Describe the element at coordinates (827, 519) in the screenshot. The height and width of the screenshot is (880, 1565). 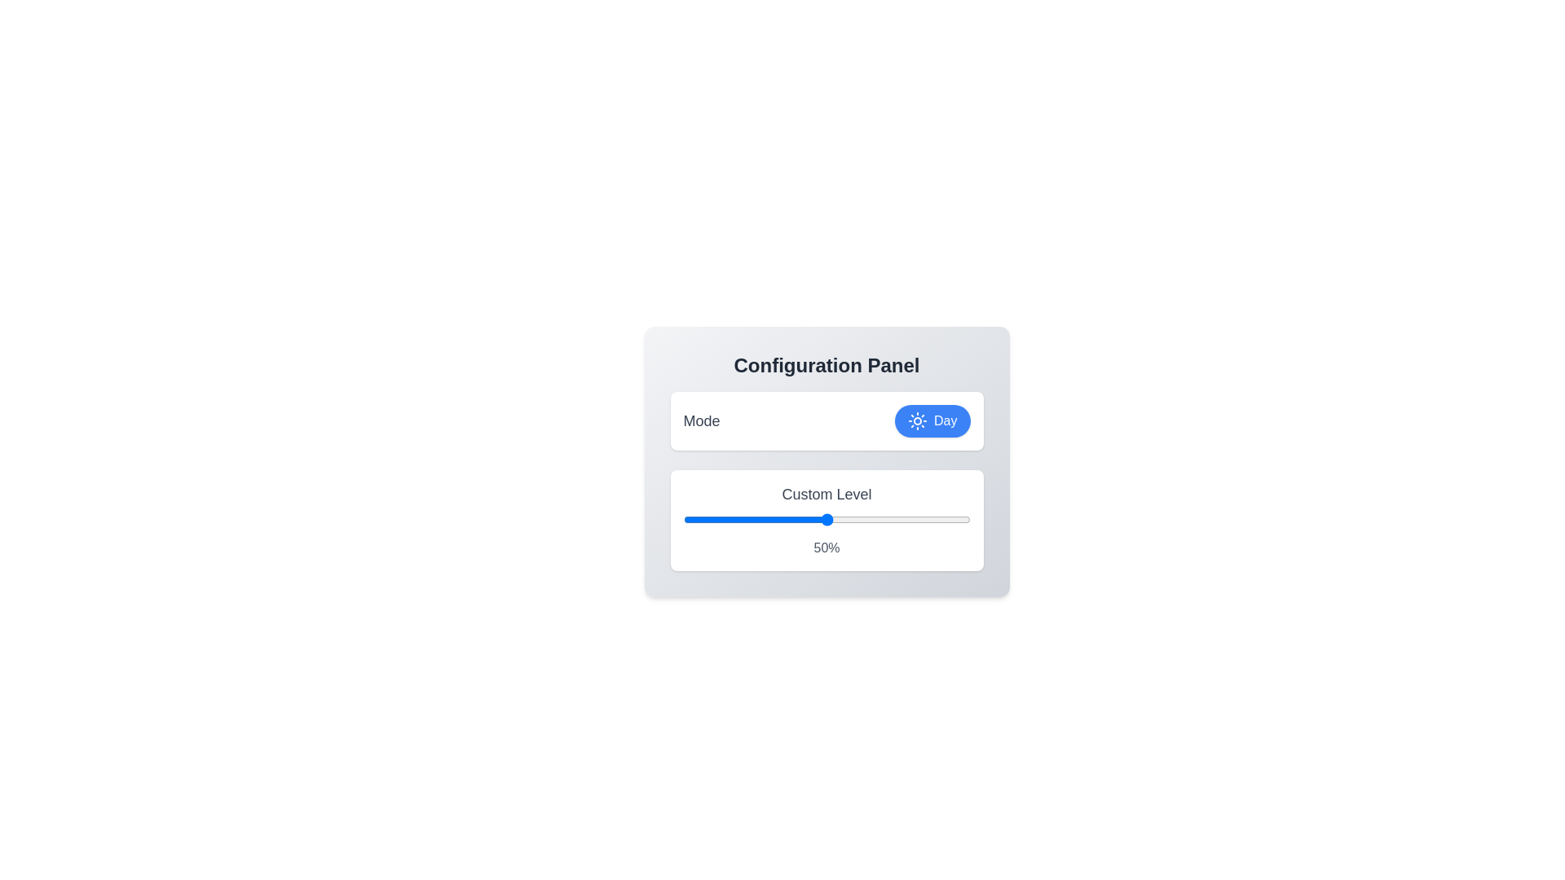
I see `the 'Custom Level' input field to focus on it` at that location.